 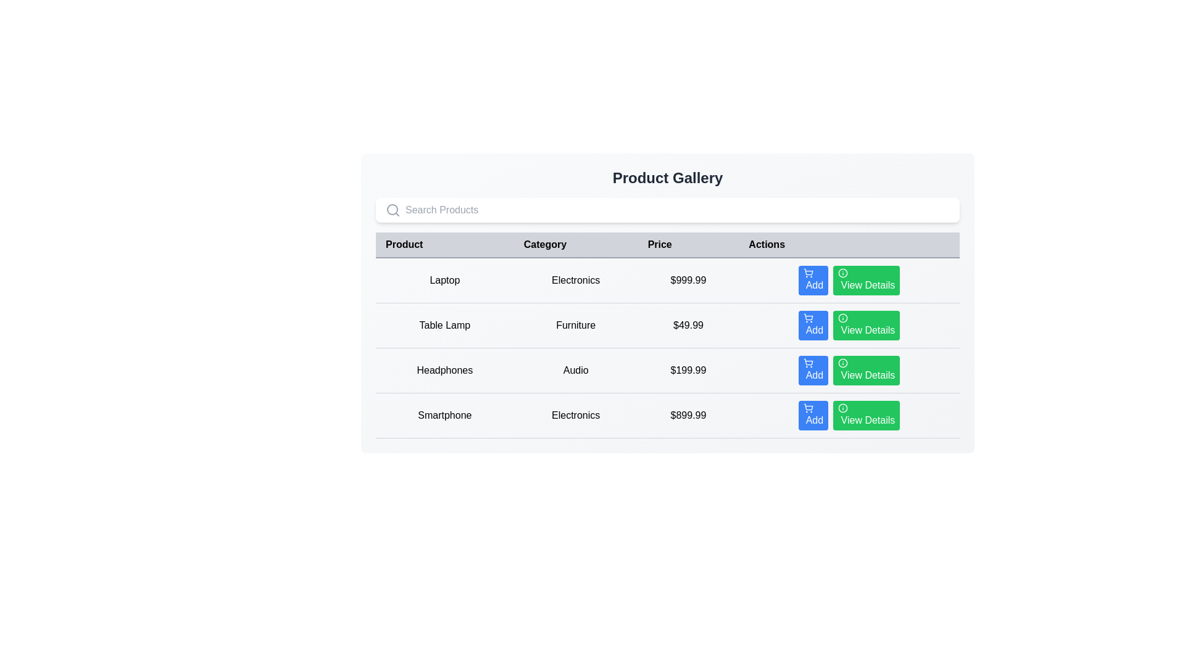 I want to click on the table cell containing the text 'Laptop' located in the first row of the table under the 'Product' column, which is the first cell from the left, so click(x=444, y=280).